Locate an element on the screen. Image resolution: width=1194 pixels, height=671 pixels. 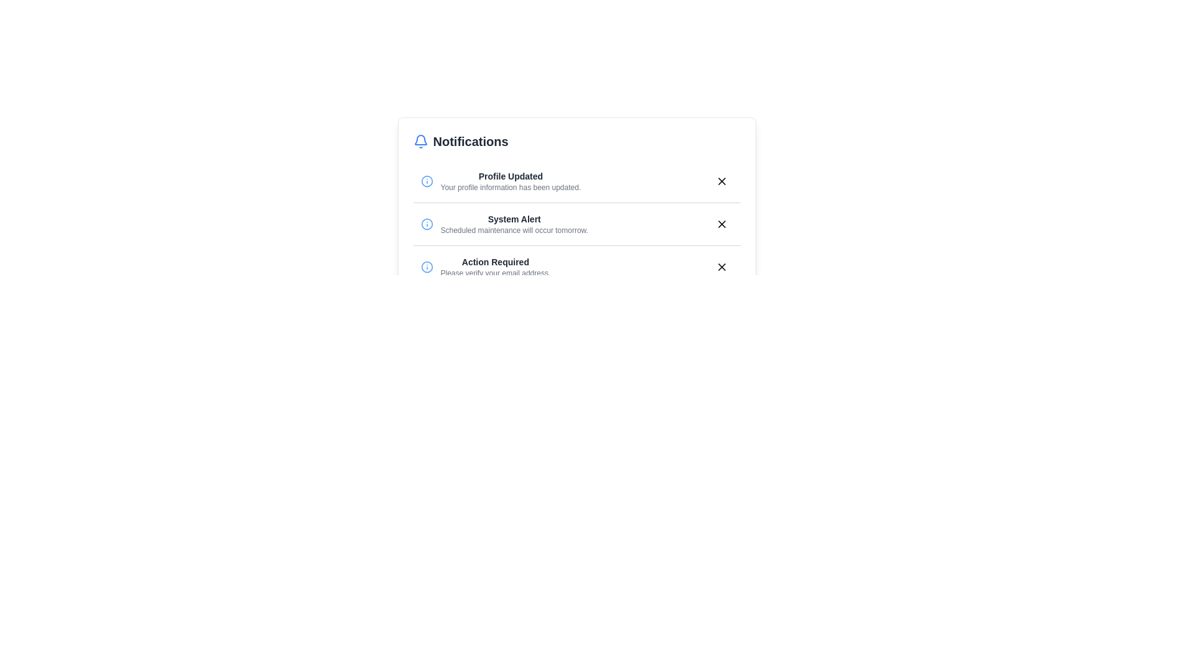
the static text label element located beneath the 'Profile Updated' text within the notification card is located at coordinates (511, 187).